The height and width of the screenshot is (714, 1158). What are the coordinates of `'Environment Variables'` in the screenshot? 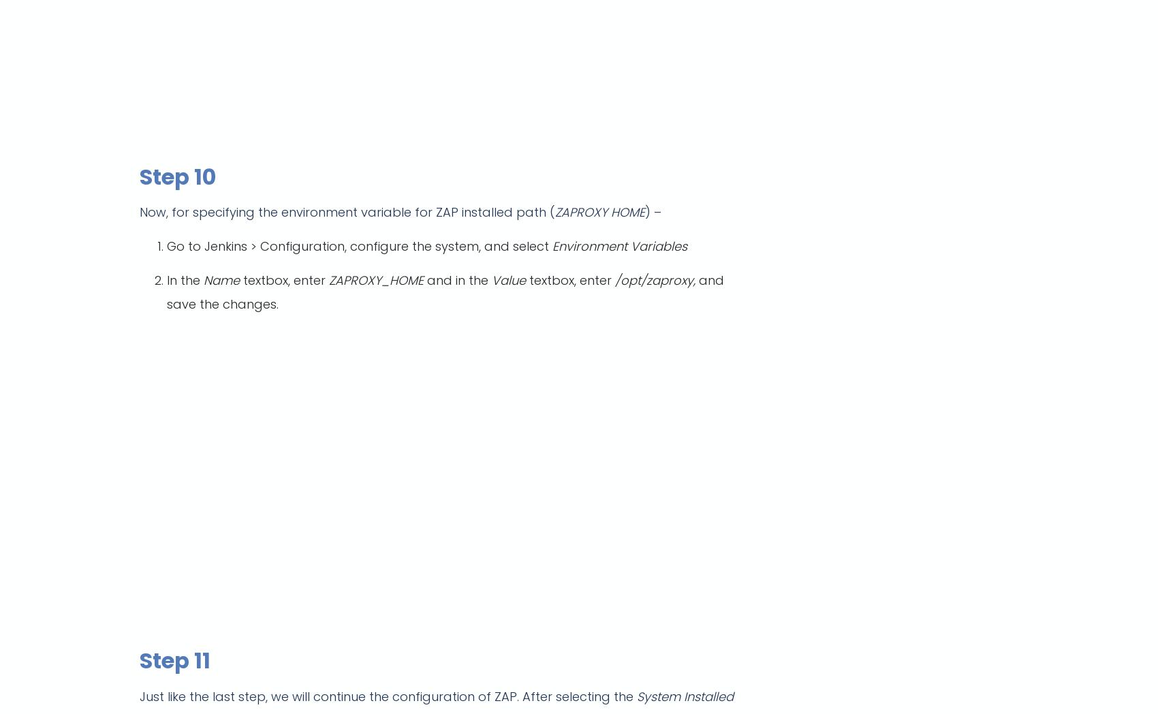 It's located at (620, 245).